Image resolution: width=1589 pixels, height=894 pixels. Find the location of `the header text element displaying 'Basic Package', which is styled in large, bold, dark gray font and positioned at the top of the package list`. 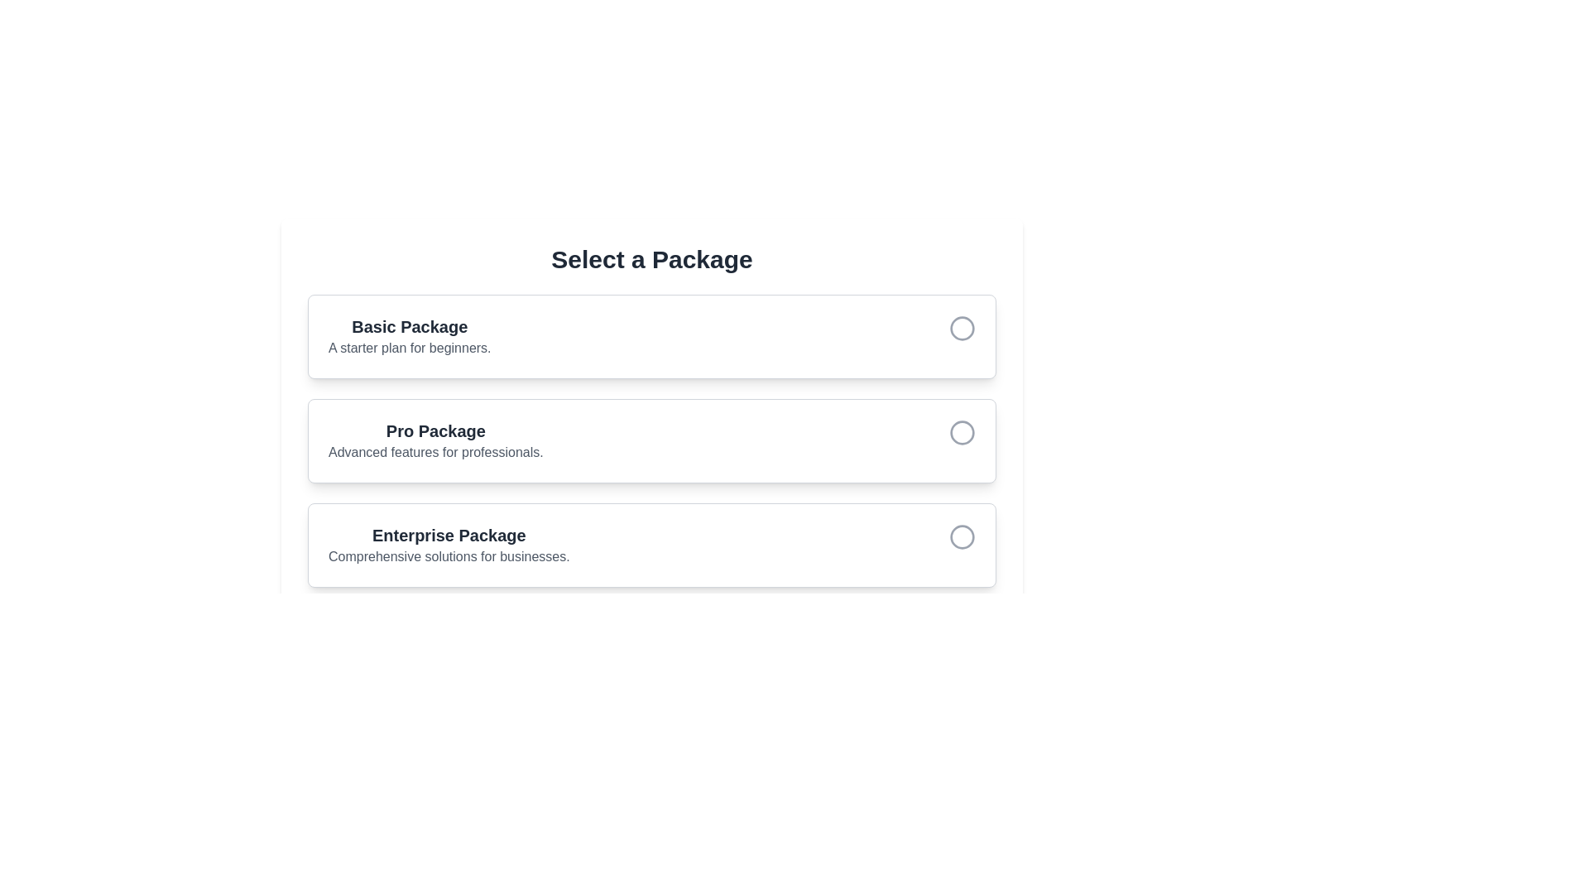

the header text element displaying 'Basic Package', which is styled in large, bold, dark gray font and positioned at the top of the package list is located at coordinates (410, 326).